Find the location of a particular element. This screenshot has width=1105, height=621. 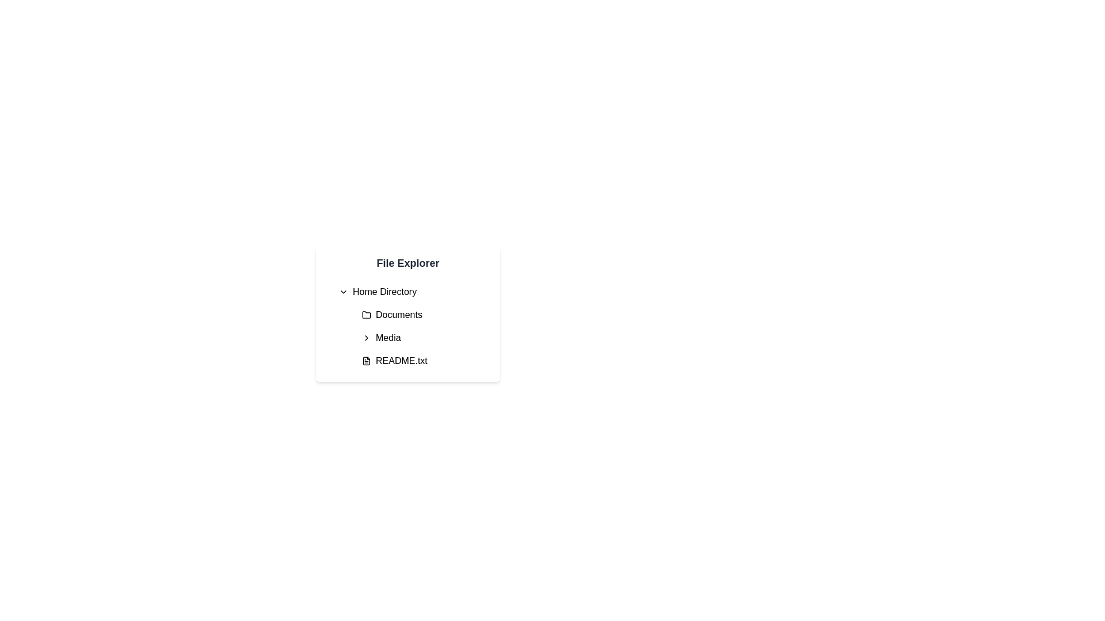

the 'Documents' text label located under the 'Home Directory' label in the file explorer interface is located at coordinates (399, 315).